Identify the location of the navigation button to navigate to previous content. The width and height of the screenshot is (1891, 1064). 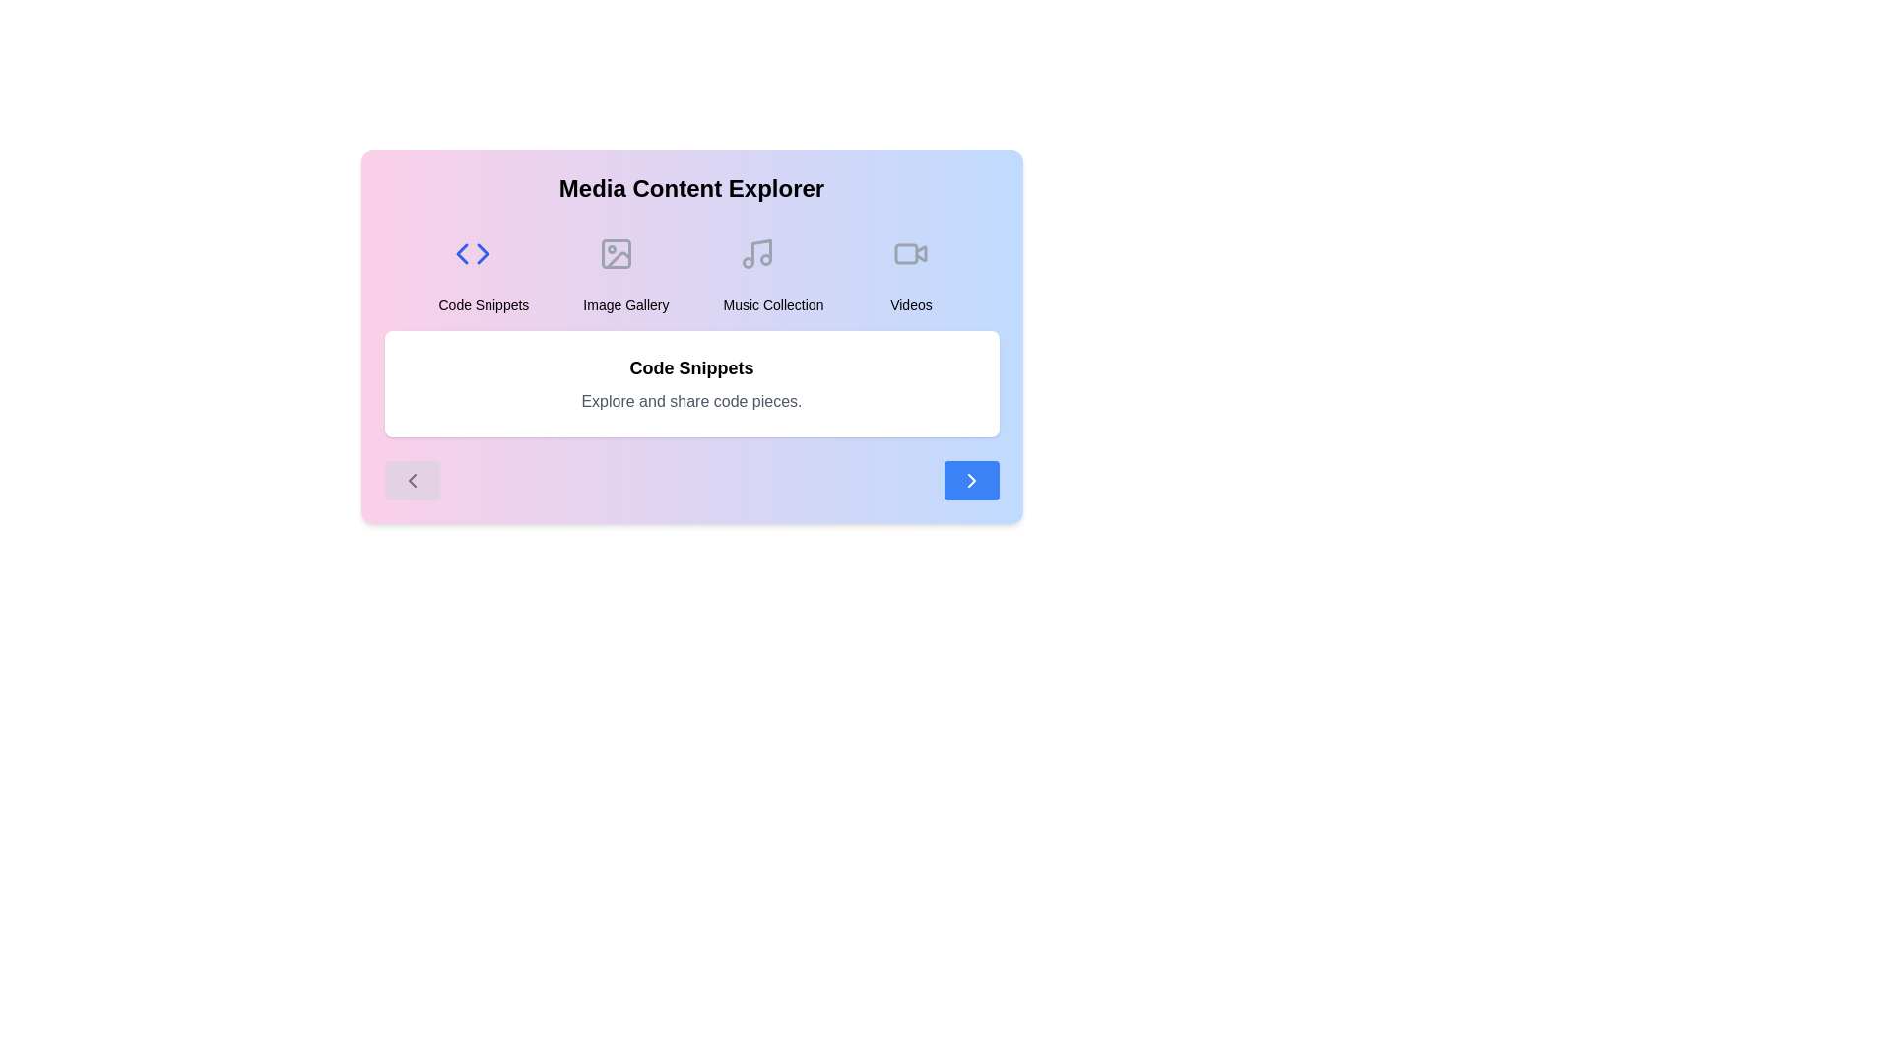
(411, 481).